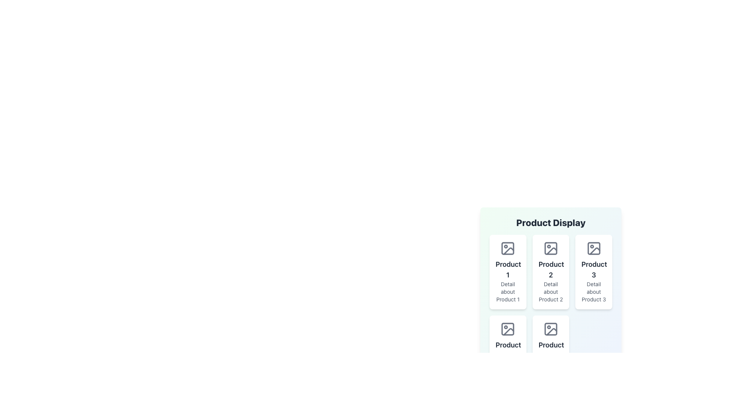 The width and height of the screenshot is (732, 411). I want to click on the text label displaying 'Detail about Product 1', which is styled in a small gray font and located below the product name and icon in the product card for 'Product 1', so click(508, 292).